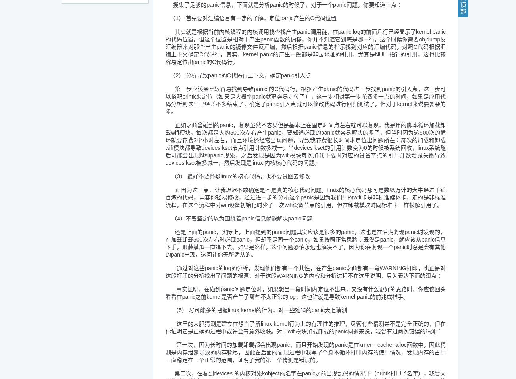 This screenshot has height=379, width=516. I want to click on '正因为这一点，让我迟迟不敢确定是不是真的核心代码问题，linux的核心代码那可是数以万计的大牛经过千锤百炼的代码，岂容你轻易修改，经过进一步的分析这个panic是因为我们用的wifi卡是非标准媒体卡，走的是非标准流程，在这个流程中对wifi设备初始化时少了一次wifi设备节点的引用，但在卸载模块时同标准卡一样被解引用了。', so click(305, 197).